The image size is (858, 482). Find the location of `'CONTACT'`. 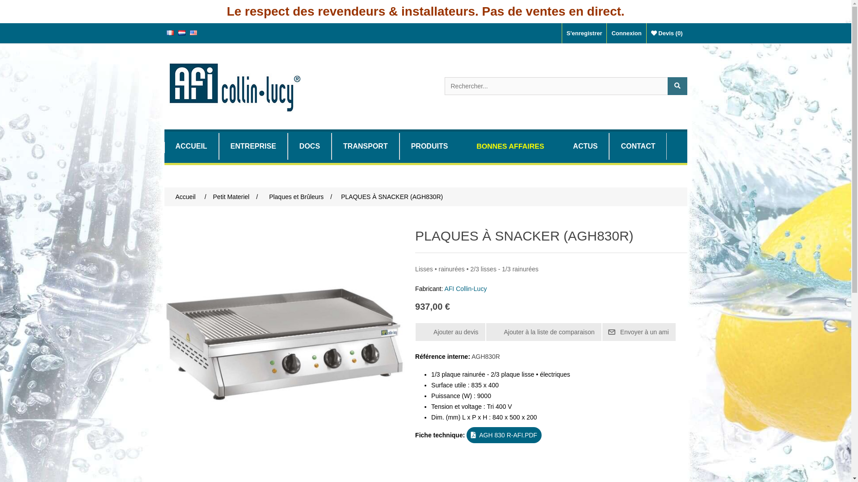

'CONTACT' is located at coordinates (609, 145).